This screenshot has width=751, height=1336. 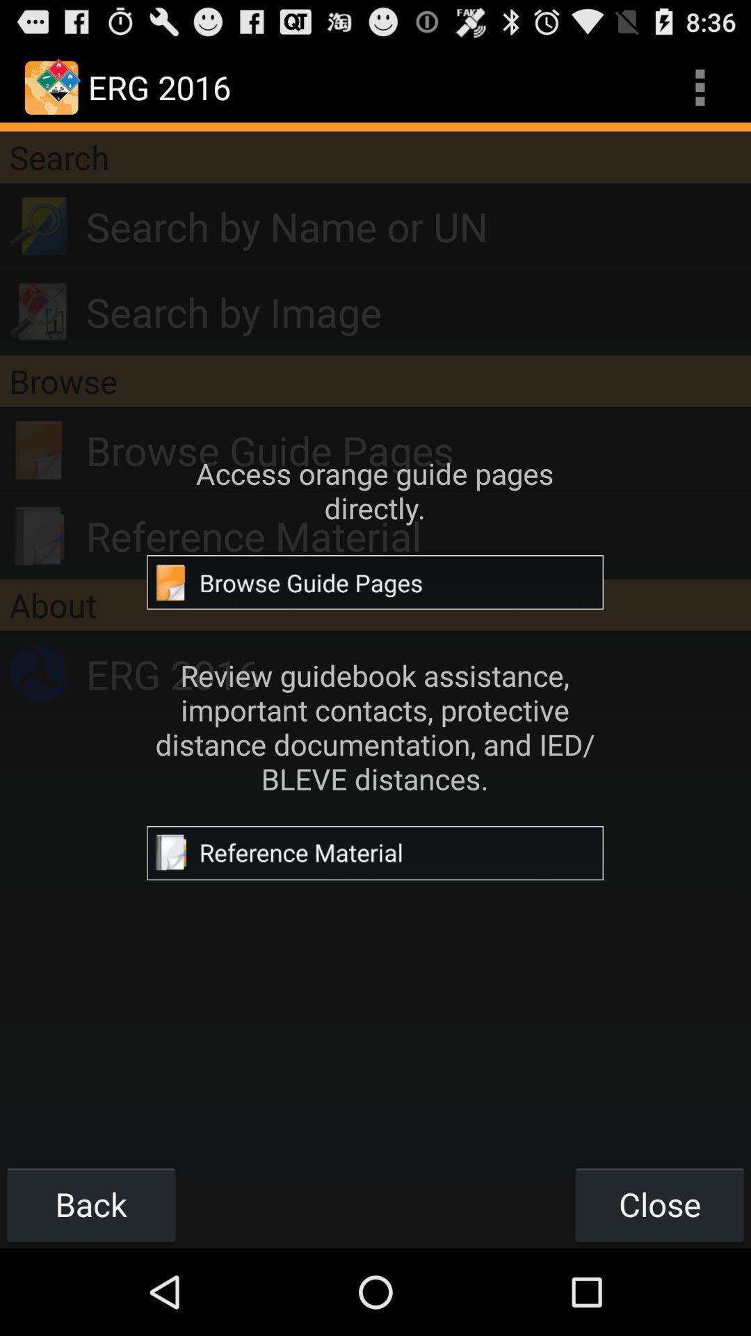 I want to click on button next to the close, so click(x=91, y=1204).